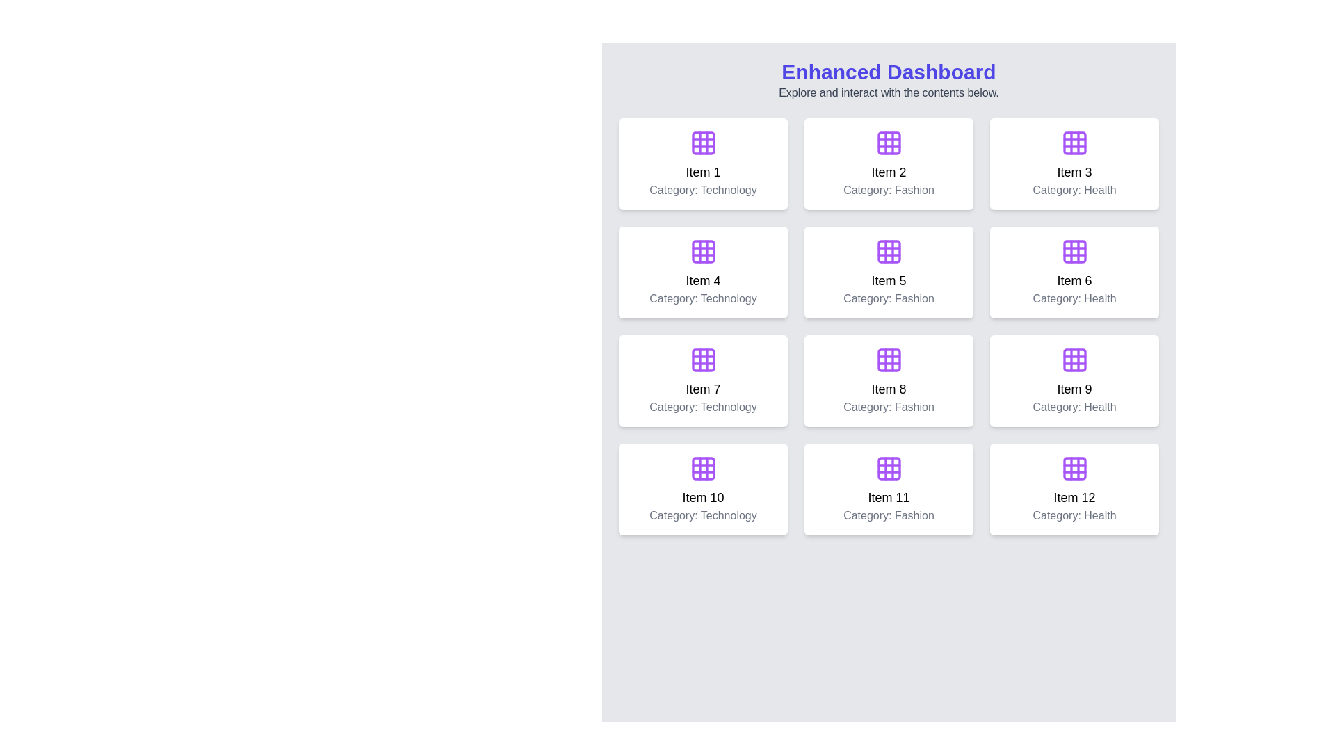 The image size is (1335, 751). I want to click on the informational card displaying details about 'Item 7' in the third row, first column of the grid system, so click(703, 380).